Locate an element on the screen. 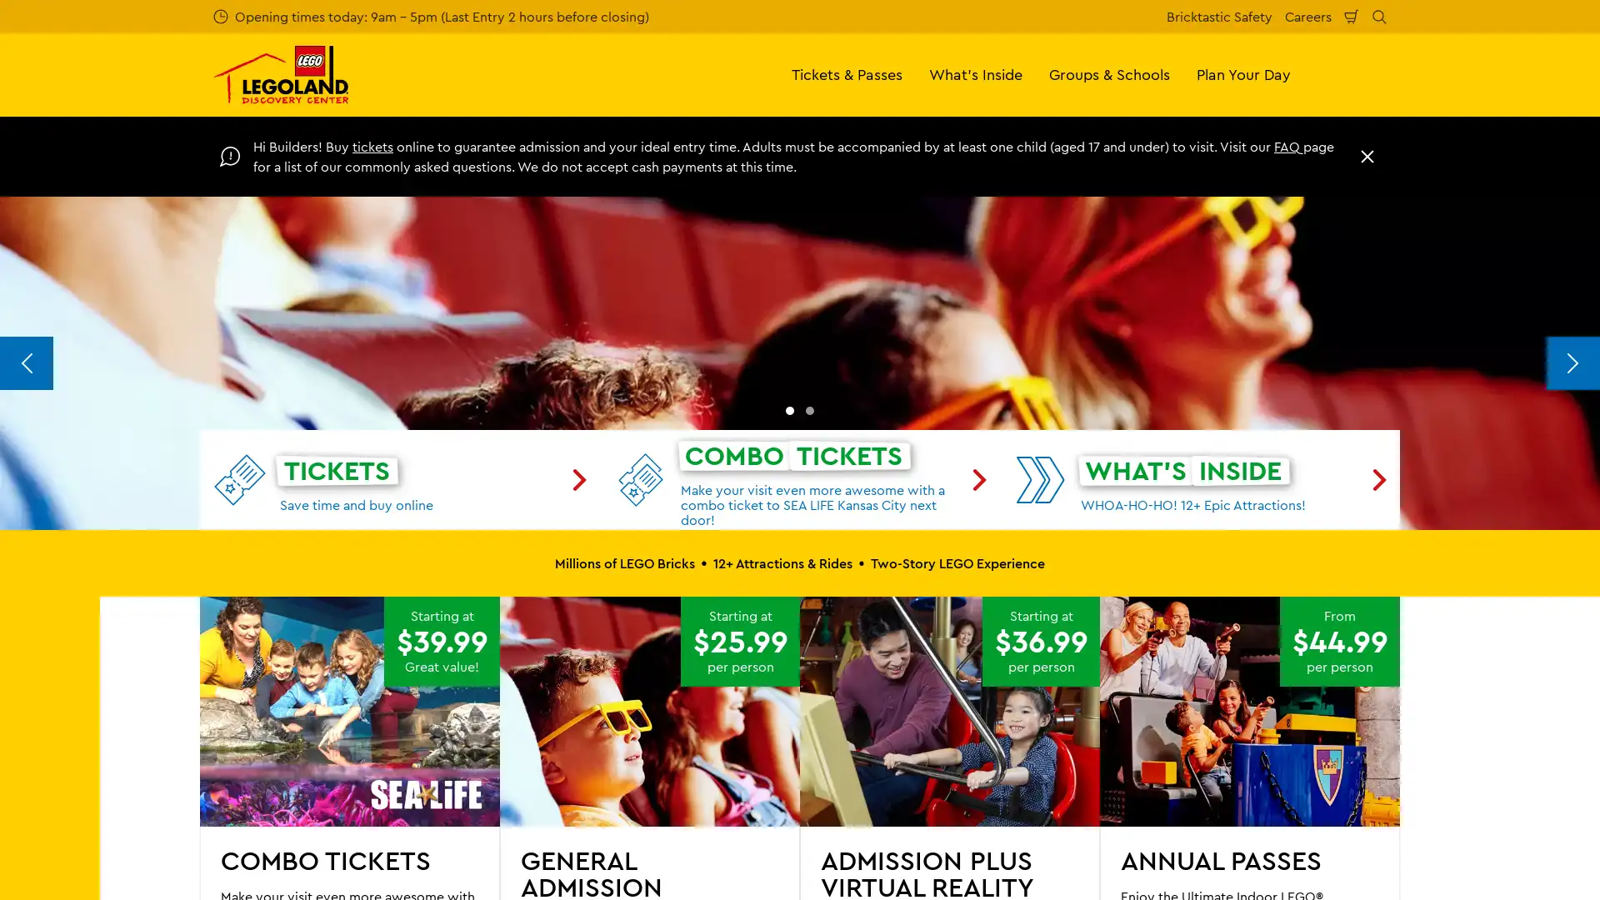 Image resolution: width=1600 pixels, height=900 pixels. Go to slide 2 is located at coordinates (809, 725).